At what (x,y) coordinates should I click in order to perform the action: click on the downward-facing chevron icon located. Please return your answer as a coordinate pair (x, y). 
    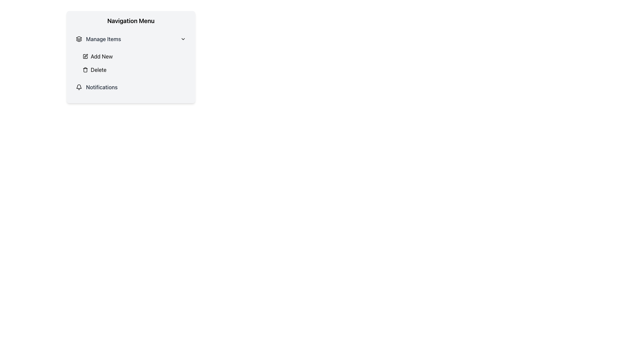
    Looking at the image, I should click on (183, 39).